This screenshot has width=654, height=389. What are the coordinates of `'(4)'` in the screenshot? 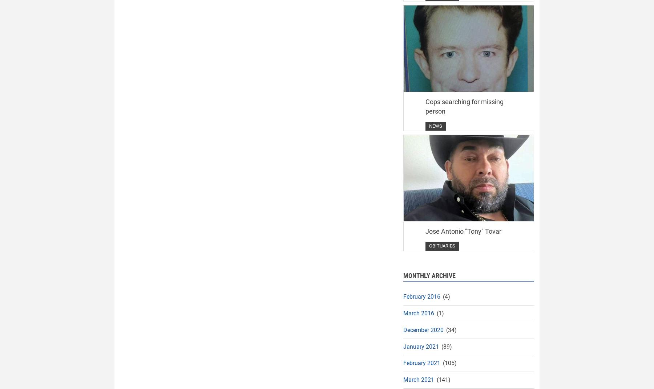 It's located at (445, 296).